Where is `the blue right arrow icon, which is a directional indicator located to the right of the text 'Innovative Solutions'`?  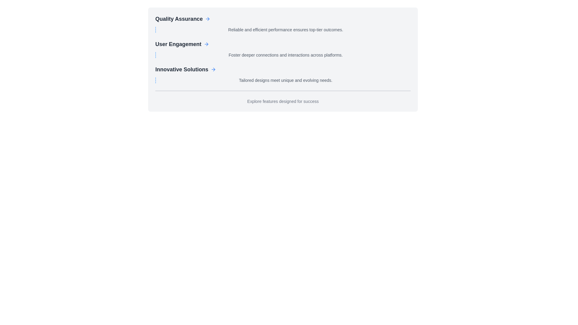
the blue right arrow icon, which is a directional indicator located to the right of the text 'Innovative Solutions' is located at coordinates (213, 69).